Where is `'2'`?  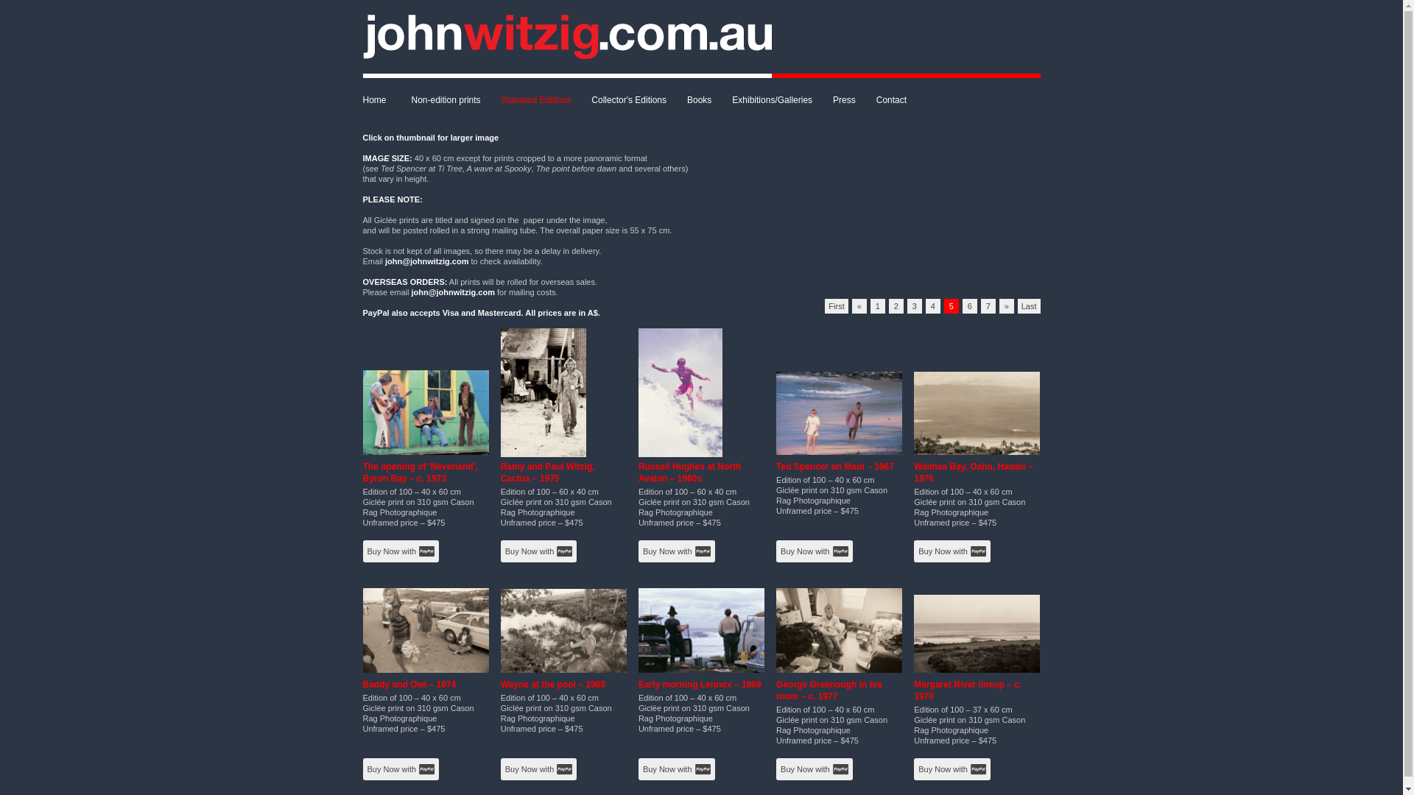
'2' is located at coordinates (896, 305).